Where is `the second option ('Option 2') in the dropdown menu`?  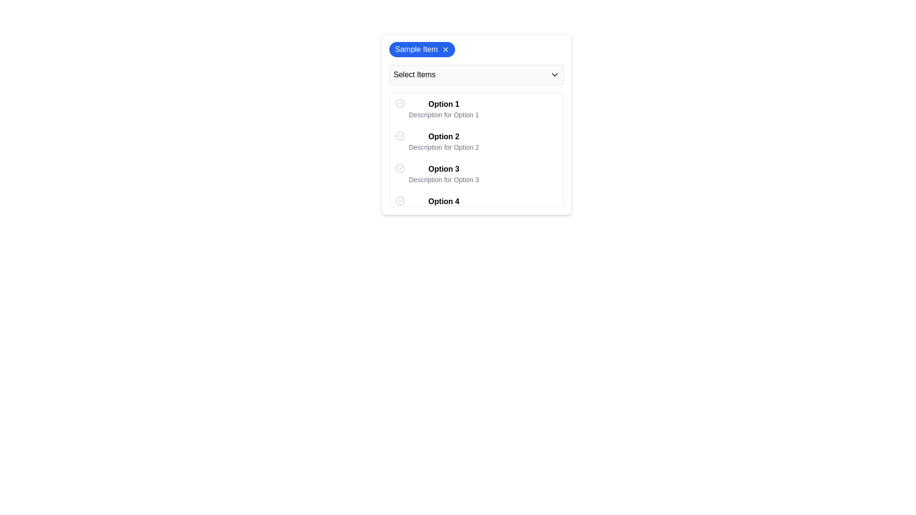 the second option ('Option 2') in the dropdown menu is located at coordinates (476, 149).